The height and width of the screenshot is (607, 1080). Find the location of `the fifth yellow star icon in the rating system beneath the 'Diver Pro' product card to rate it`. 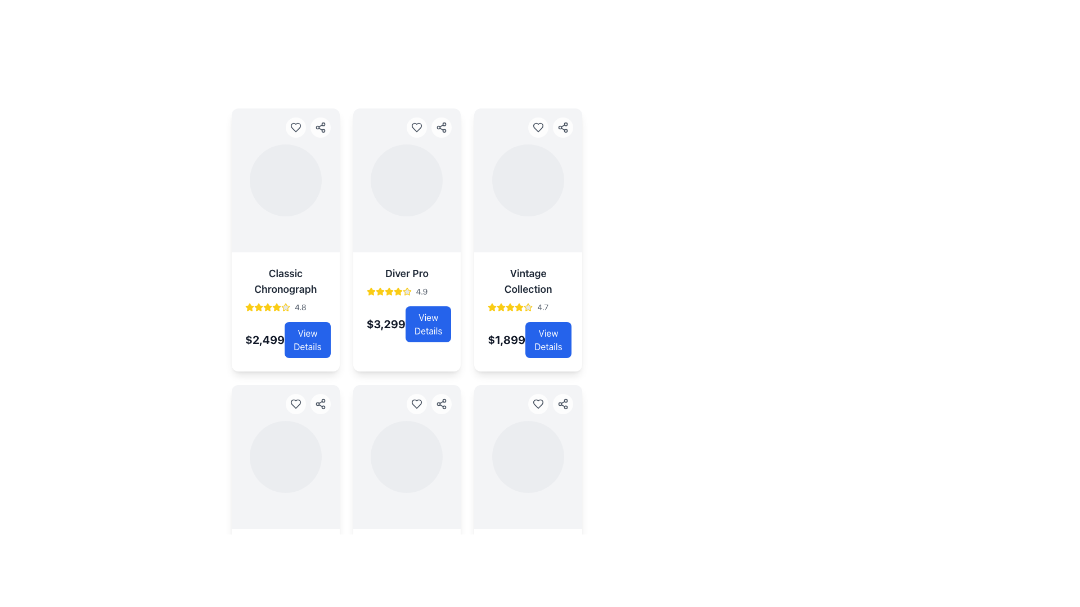

the fifth yellow star icon in the rating system beneath the 'Diver Pro' product card to rate it is located at coordinates (389, 291).